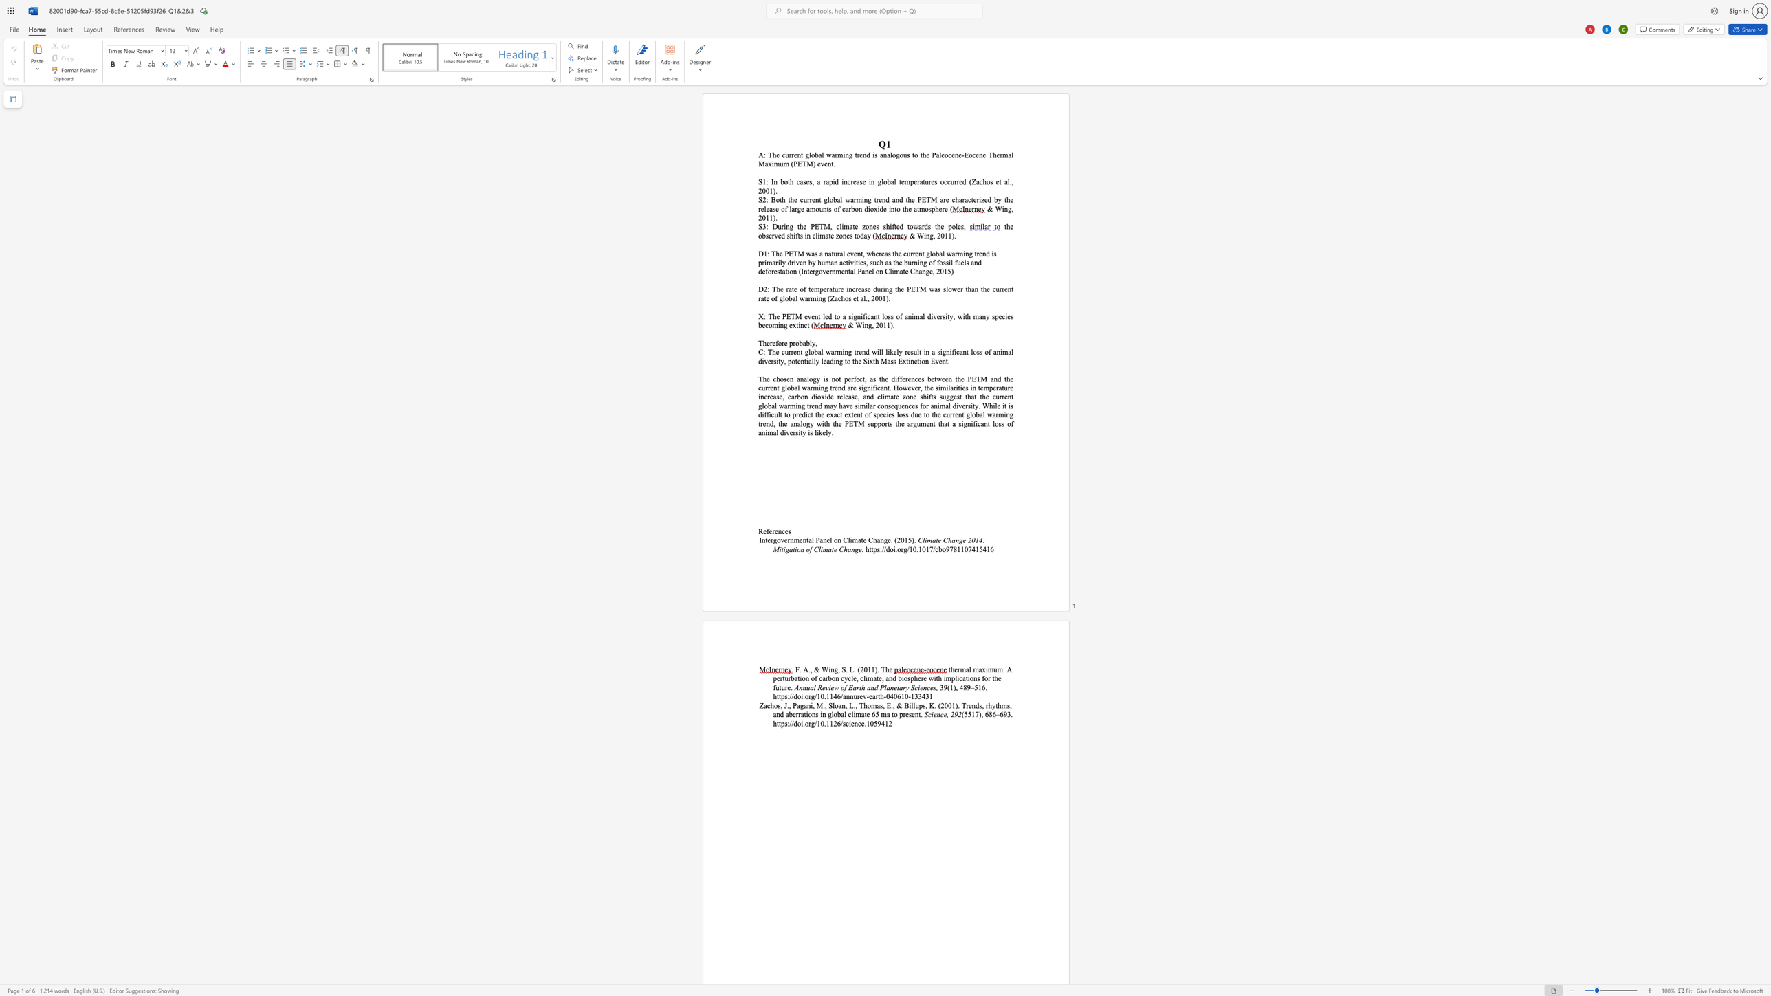 This screenshot has height=996, width=1771. Describe the element at coordinates (762, 342) in the screenshot. I see `the space between the continuous character "T" and "h" in the text` at that location.